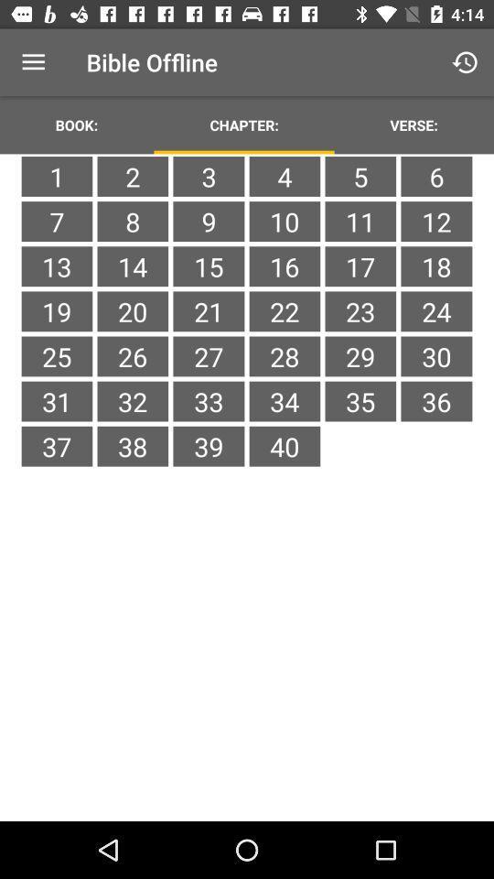 This screenshot has width=494, height=879. What do you see at coordinates (208, 176) in the screenshot?
I see `3` at bounding box center [208, 176].